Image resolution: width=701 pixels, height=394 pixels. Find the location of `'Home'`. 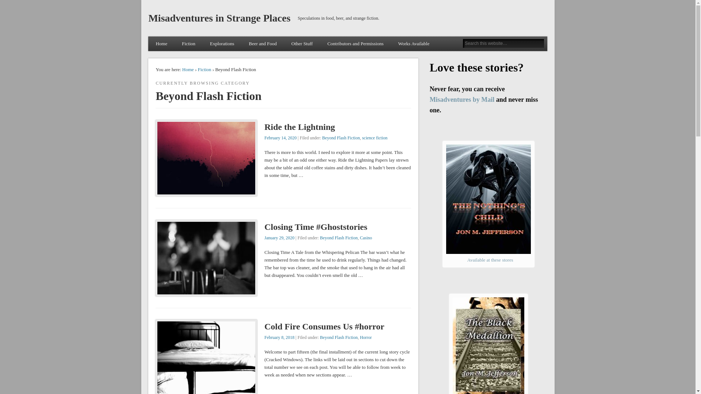

'Home' is located at coordinates (188, 69).